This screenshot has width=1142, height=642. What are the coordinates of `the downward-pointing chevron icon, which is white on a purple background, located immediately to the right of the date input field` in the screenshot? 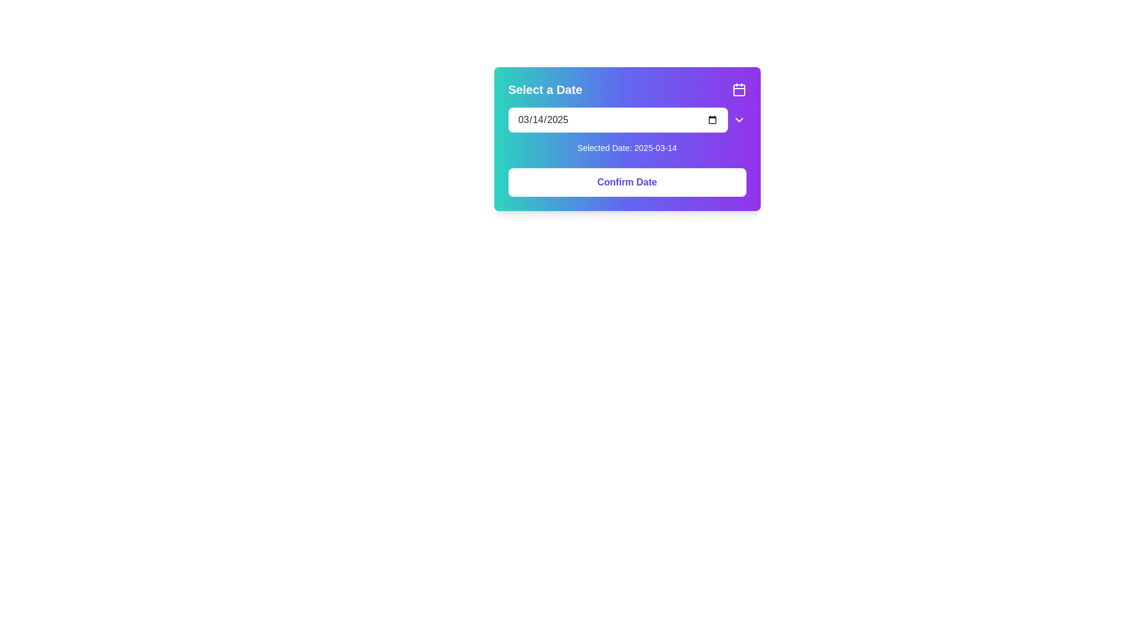 It's located at (739, 119).